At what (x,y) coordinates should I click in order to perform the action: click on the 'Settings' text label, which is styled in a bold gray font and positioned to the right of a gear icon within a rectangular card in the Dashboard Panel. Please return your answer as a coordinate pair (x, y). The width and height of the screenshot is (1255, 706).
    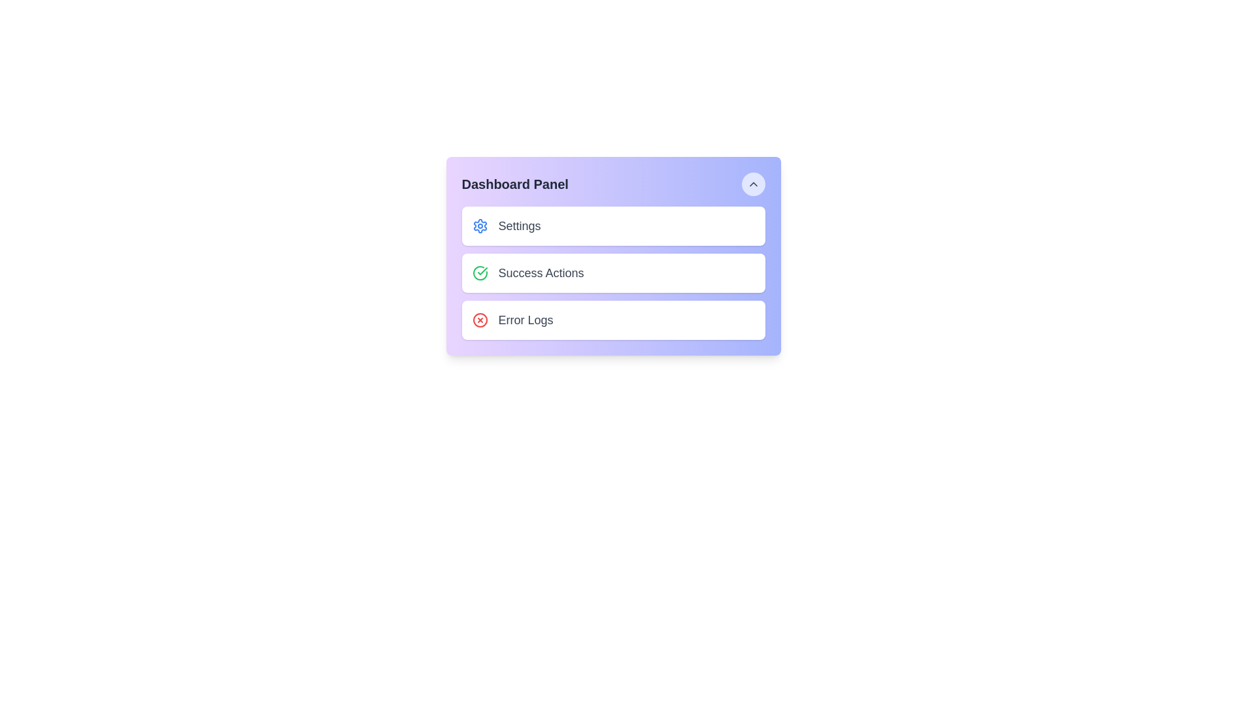
    Looking at the image, I should click on (519, 226).